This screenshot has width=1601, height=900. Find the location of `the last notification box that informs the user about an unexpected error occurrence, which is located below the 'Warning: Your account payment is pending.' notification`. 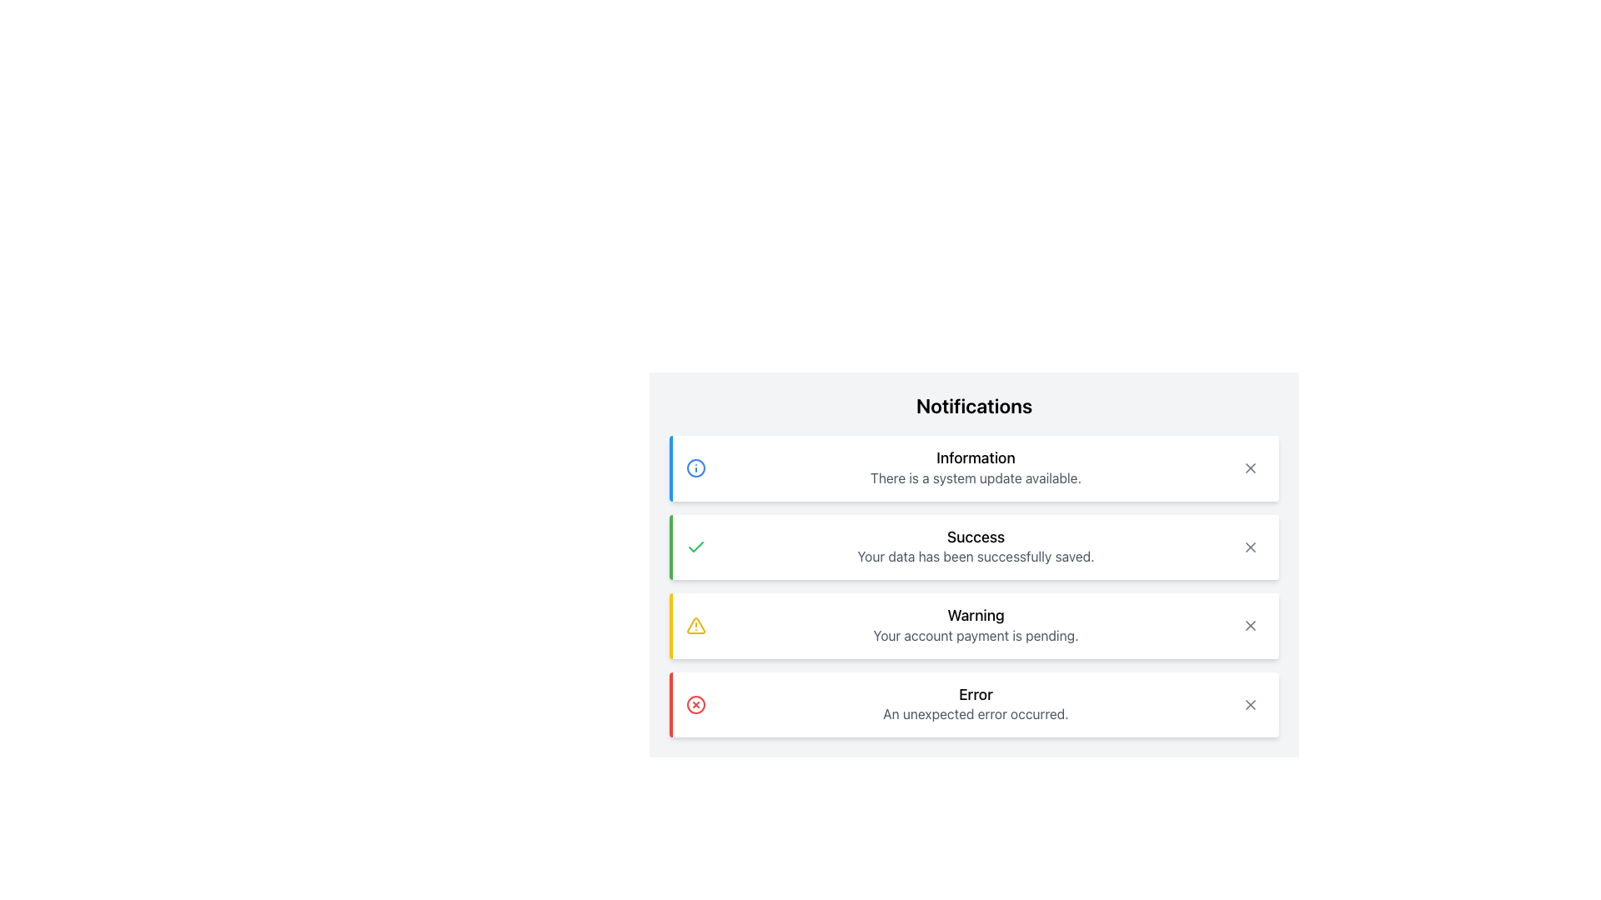

the last notification box that informs the user about an unexpected error occurrence, which is located below the 'Warning: Your account payment is pending.' notification is located at coordinates (974, 704).